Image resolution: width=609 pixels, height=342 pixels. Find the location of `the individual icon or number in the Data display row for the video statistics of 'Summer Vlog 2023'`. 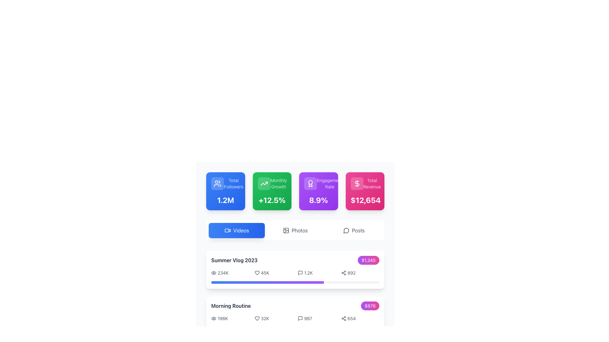

the individual icon or number in the Data display row for the video statistics of 'Summer Vlog 2023' is located at coordinates (295, 272).